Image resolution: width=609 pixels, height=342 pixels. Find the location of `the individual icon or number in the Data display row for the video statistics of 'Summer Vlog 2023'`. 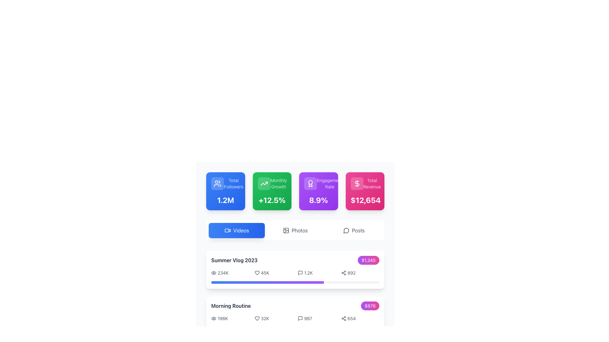

the individual icon or number in the Data display row for the video statistics of 'Summer Vlog 2023' is located at coordinates (295, 272).